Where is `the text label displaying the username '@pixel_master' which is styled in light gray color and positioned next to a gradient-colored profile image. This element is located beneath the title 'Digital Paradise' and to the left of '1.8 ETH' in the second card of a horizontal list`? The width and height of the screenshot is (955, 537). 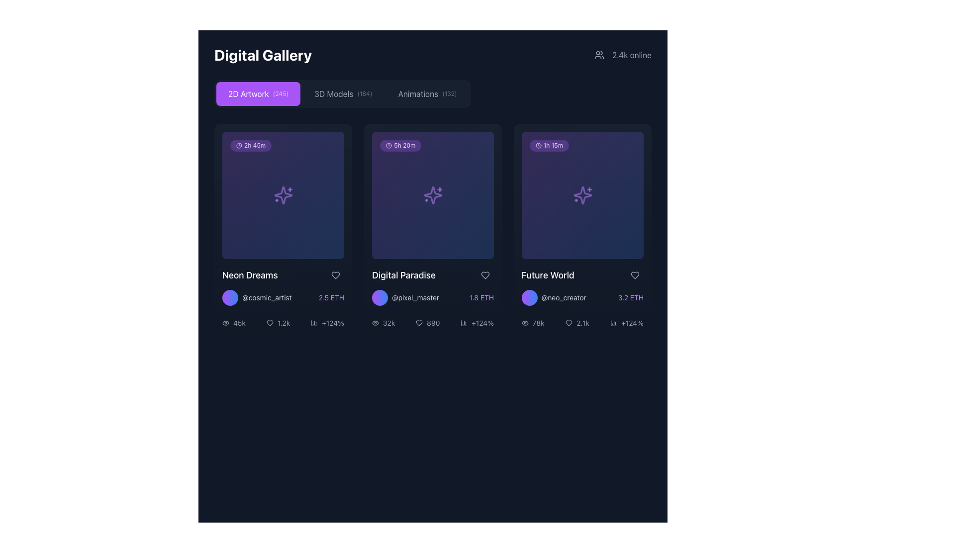
the text label displaying the username '@pixel_master' which is styled in light gray color and positioned next to a gradient-colored profile image. This element is located beneath the title 'Digital Paradise' and to the left of '1.8 ETH' in the second card of a horizontal list is located at coordinates (405, 297).